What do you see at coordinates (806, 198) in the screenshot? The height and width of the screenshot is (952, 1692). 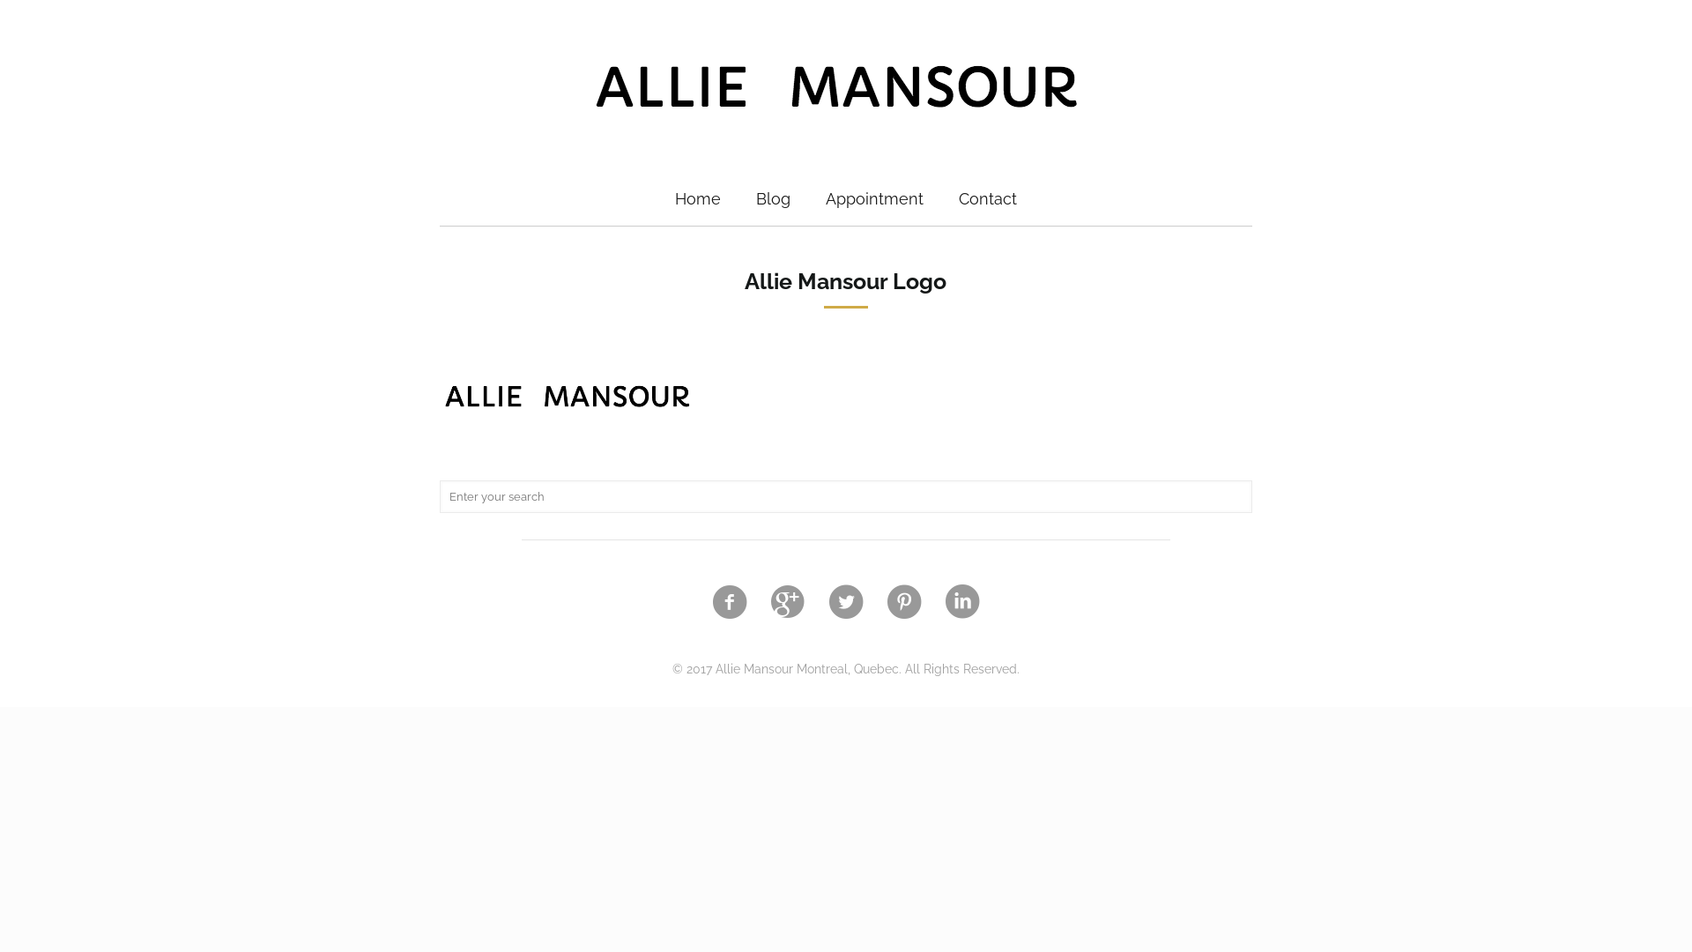 I see `'Appointment'` at bounding box center [806, 198].